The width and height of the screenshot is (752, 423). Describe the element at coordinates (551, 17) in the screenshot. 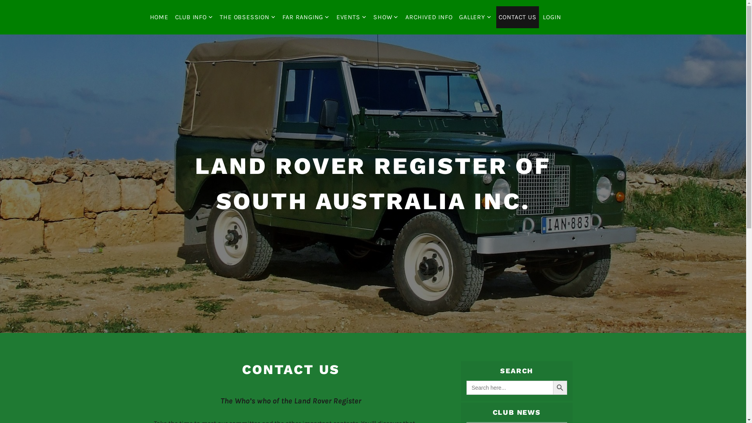

I see `'LOGIN'` at that location.